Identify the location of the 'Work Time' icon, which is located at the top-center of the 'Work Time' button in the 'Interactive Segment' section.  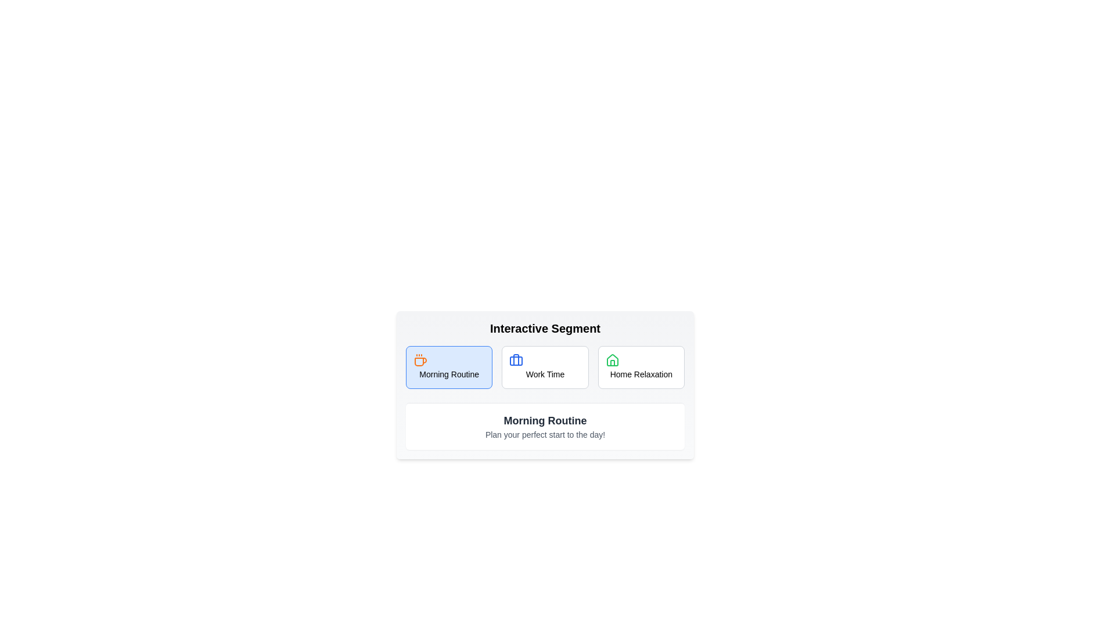
(516, 360).